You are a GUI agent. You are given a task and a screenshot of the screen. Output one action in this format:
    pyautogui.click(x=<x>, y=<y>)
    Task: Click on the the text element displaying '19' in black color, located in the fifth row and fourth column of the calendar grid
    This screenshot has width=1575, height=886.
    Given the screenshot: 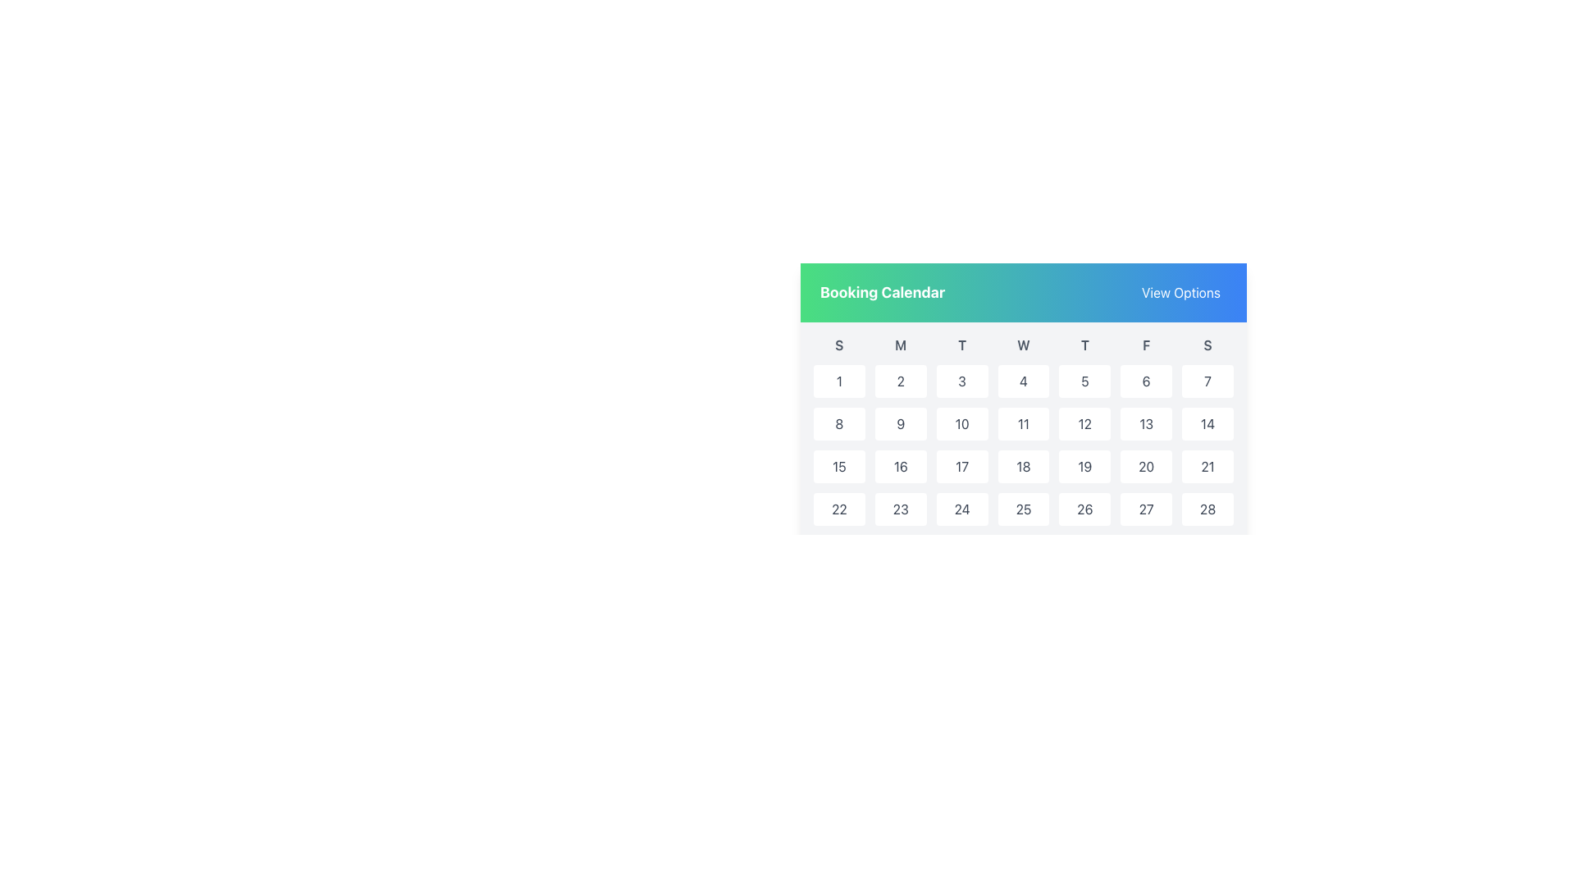 What is the action you would take?
    pyautogui.click(x=1084, y=467)
    